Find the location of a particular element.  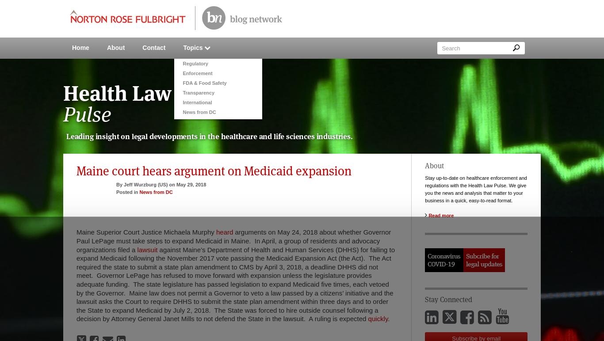

'FDA & Food Safety' is located at coordinates (182, 82).